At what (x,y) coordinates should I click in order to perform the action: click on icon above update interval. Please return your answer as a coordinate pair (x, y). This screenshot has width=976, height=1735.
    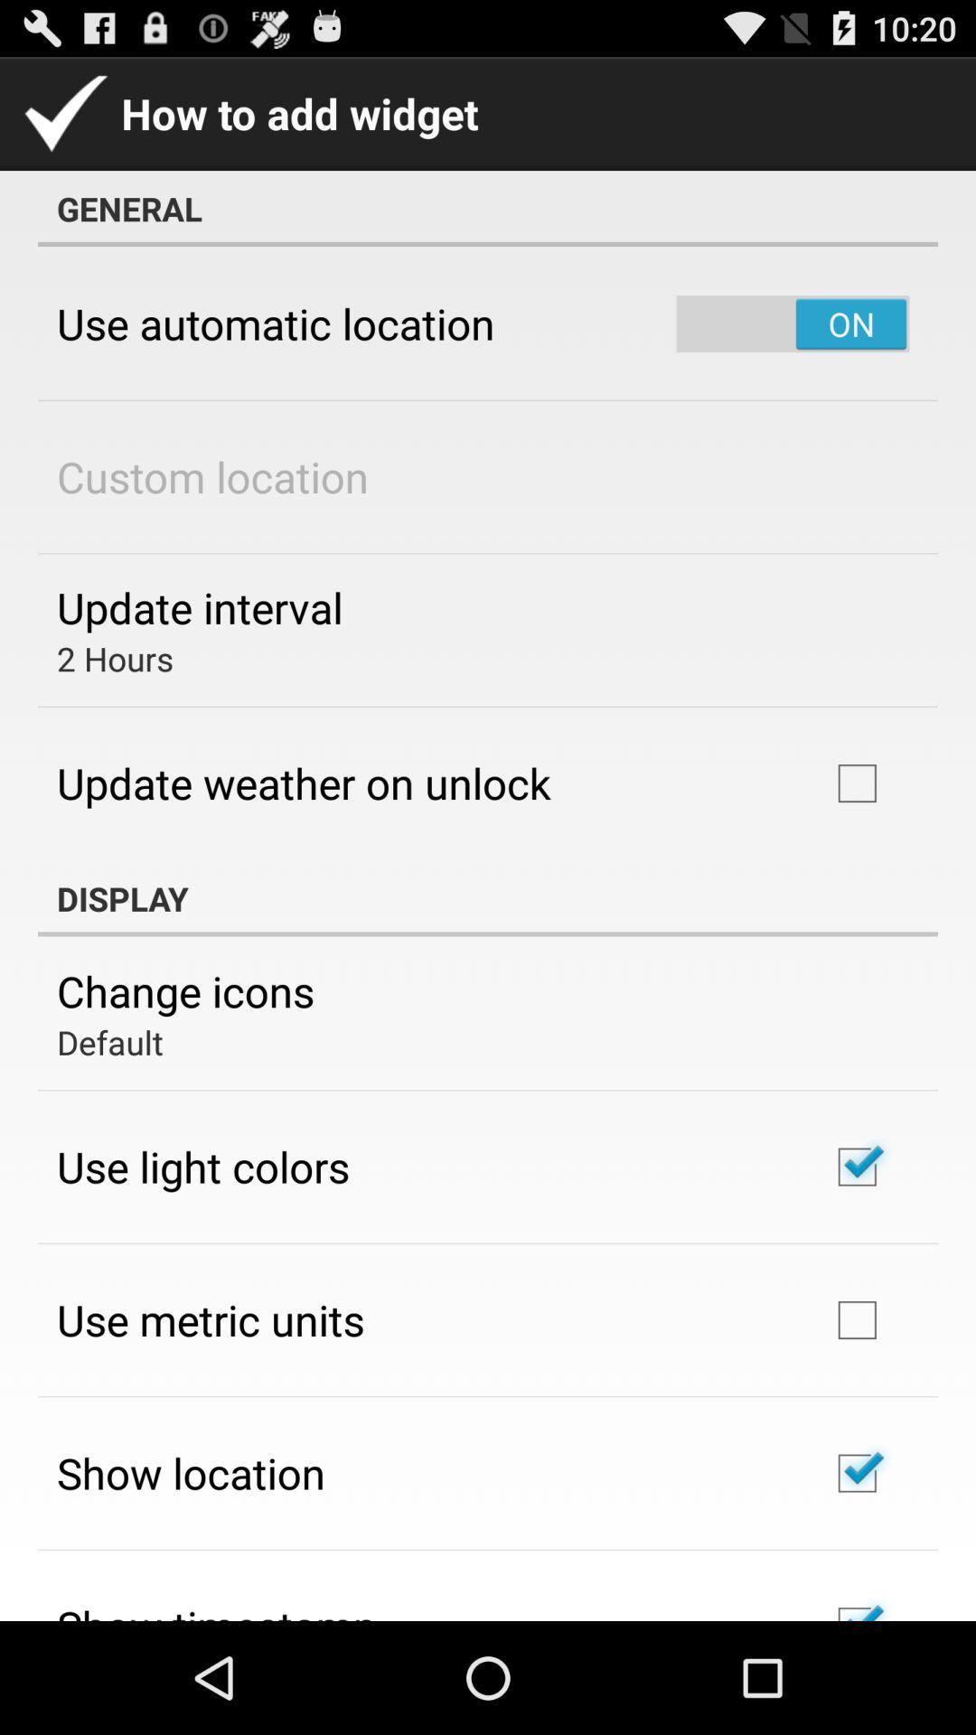
    Looking at the image, I should click on (211, 476).